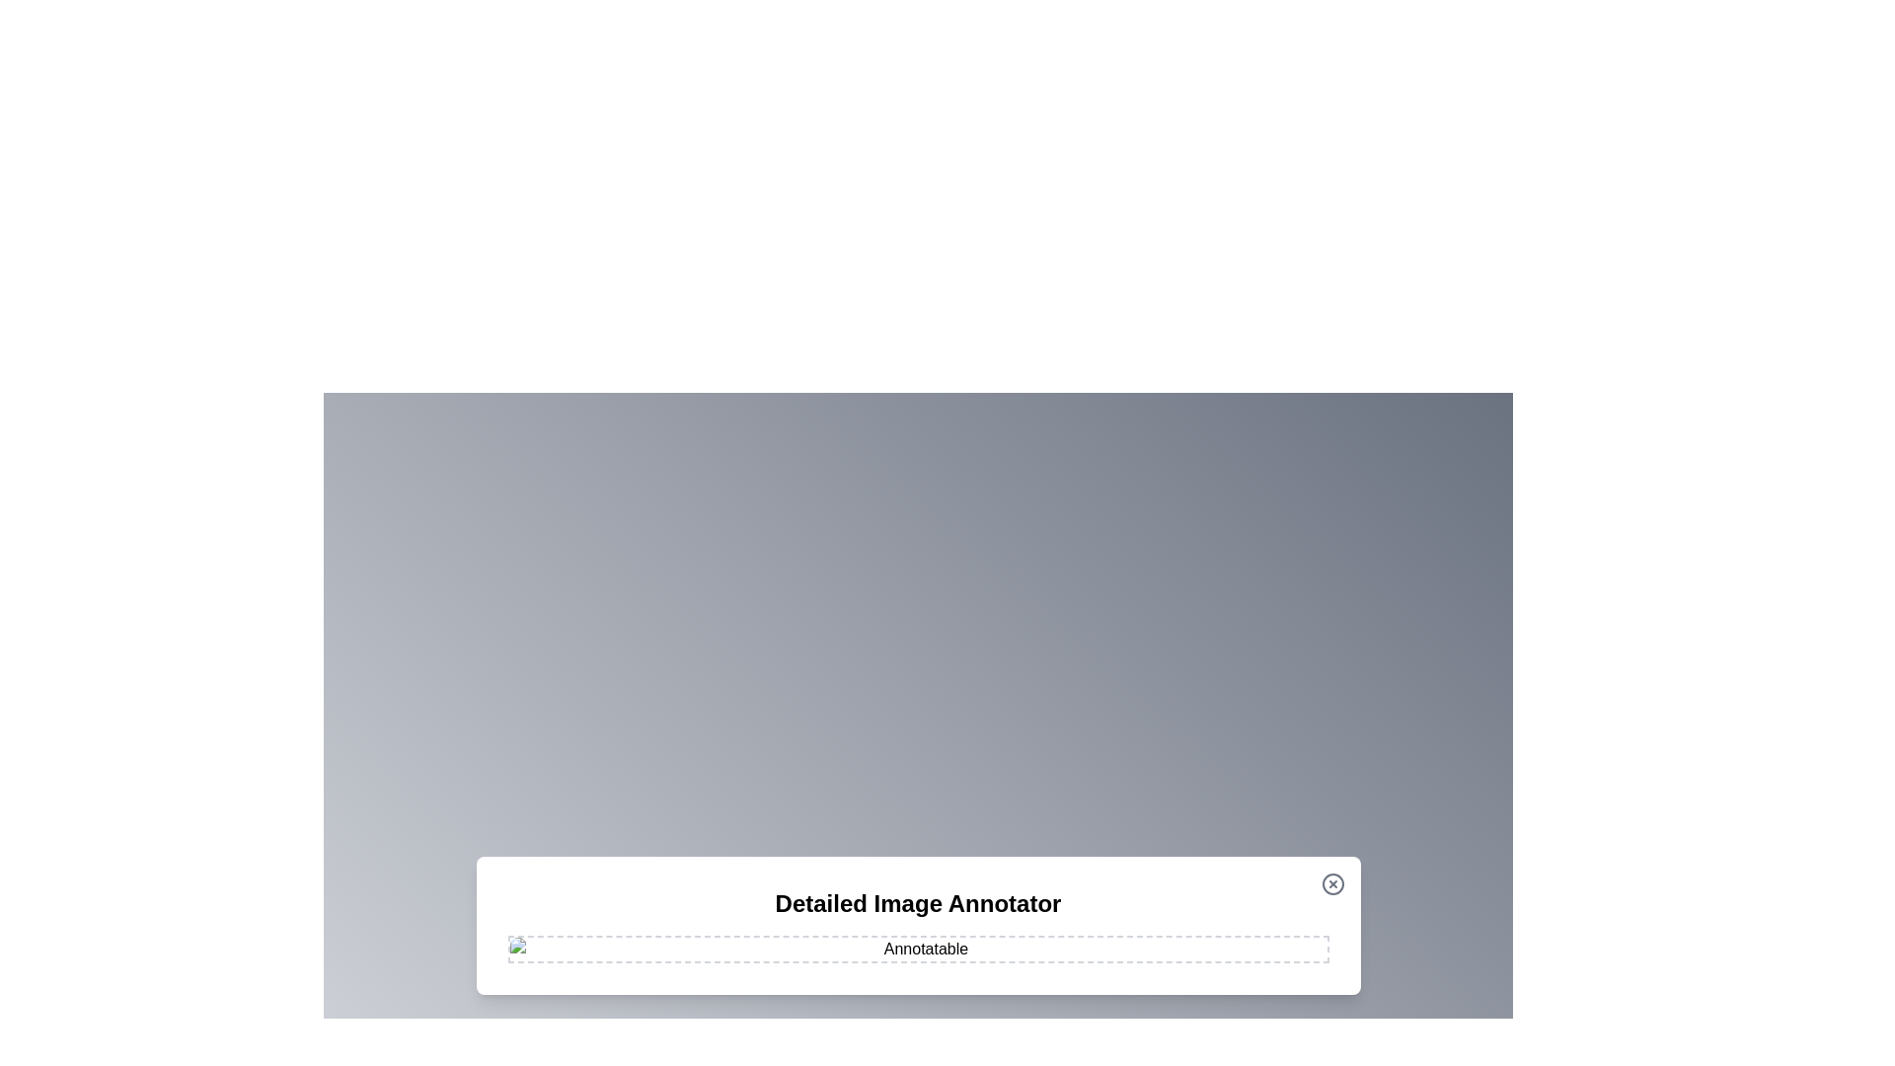 The width and height of the screenshot is (1895, 1066). What do you see at coordinates (1055, 954) in the screenshot?
I see `the image at coordinates (1070, 968) to add an annotation` at bounding box center [1055, 954].